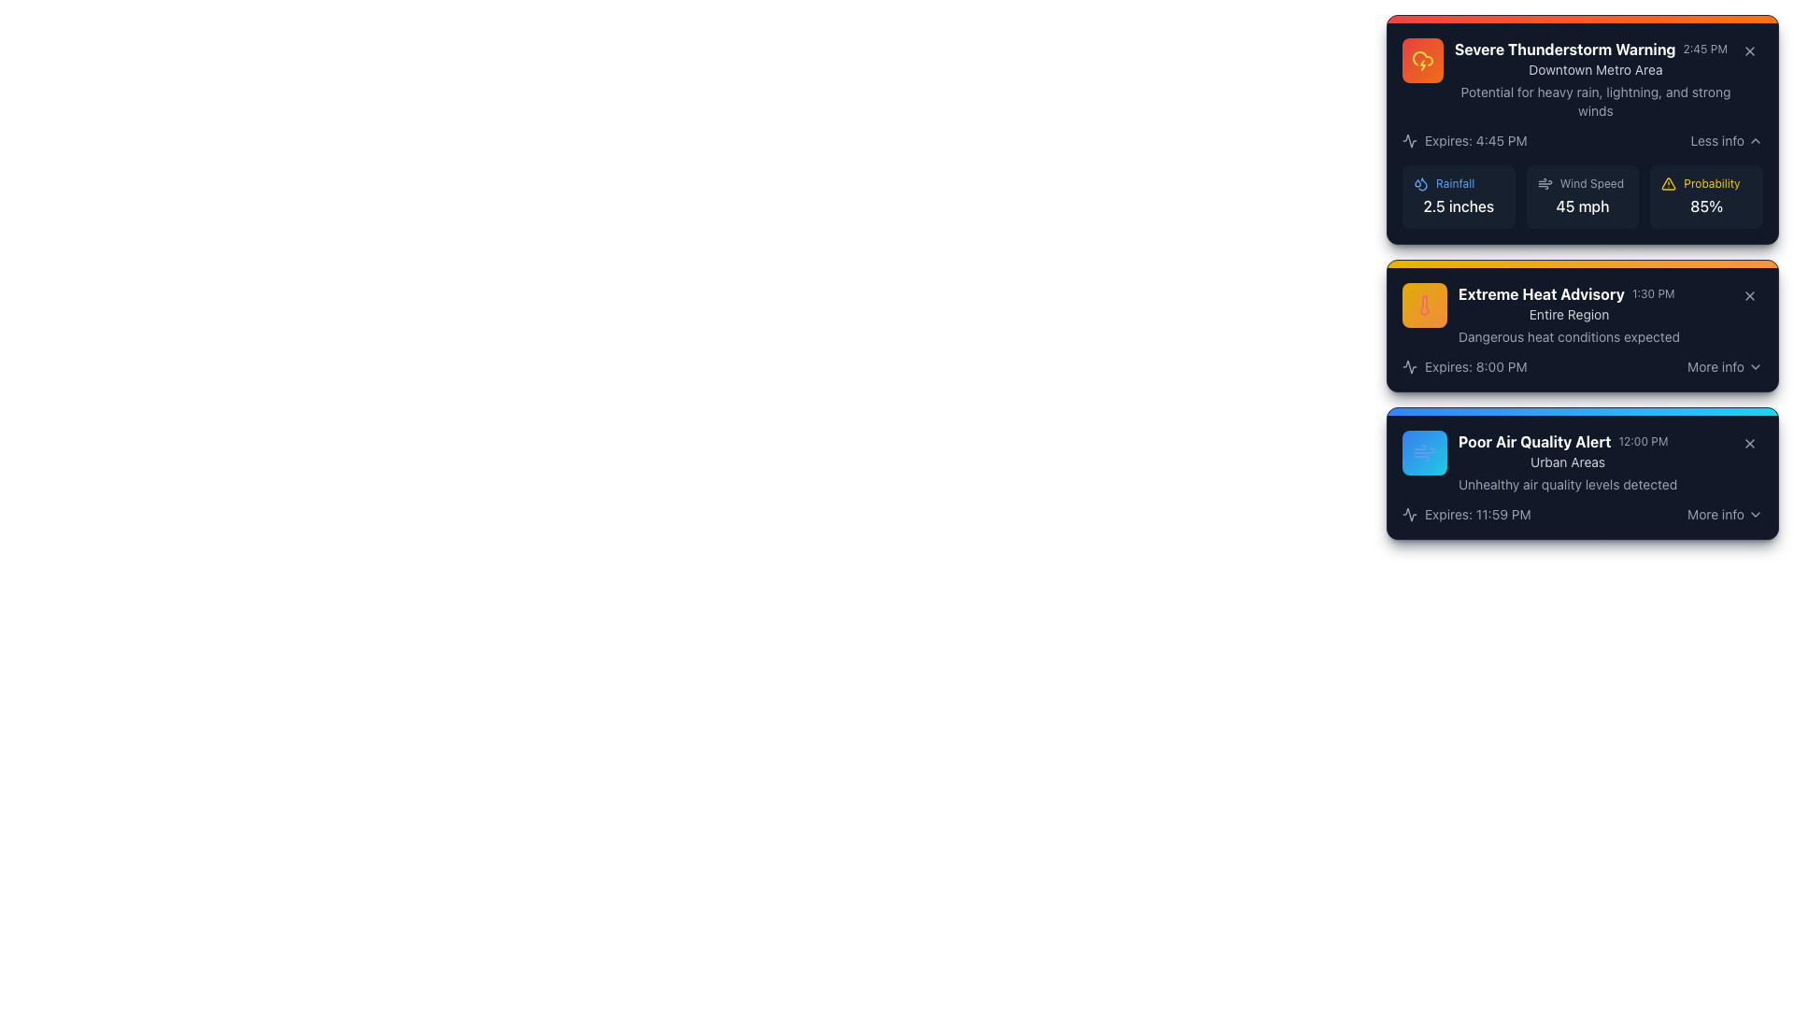 The width and height of the screenshot is (1794, 1009). What do you see at coordinates (1409, 139) in the screenshot?
I see `the SVG Icon depicting a waveform or signal-like pattern, located at the top-left corner of the first informational card near the title 'Severe Thunderstorm Warning.'` at bounding box center [1409, 139].